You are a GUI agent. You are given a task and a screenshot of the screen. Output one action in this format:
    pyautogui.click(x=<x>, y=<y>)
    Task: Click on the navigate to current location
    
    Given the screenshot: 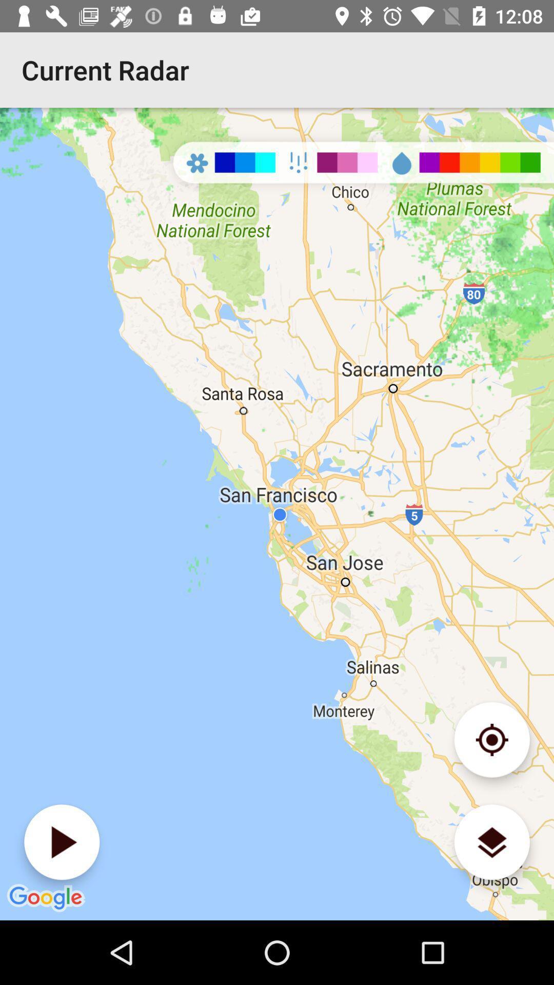 What is the action you would take?
    pyautogui.click(x=491, y=740)
    